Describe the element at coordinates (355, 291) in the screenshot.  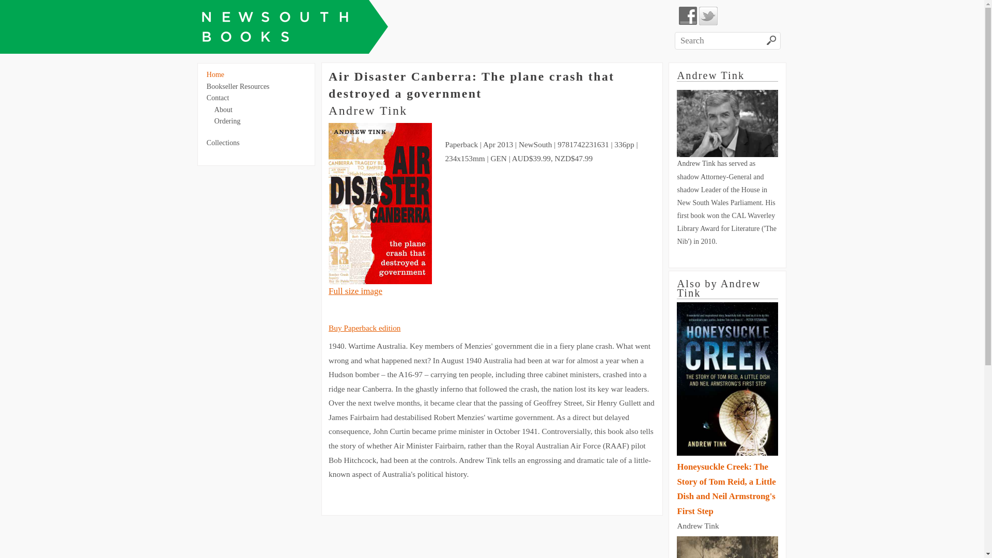
I see `'Full size image'` at that location.